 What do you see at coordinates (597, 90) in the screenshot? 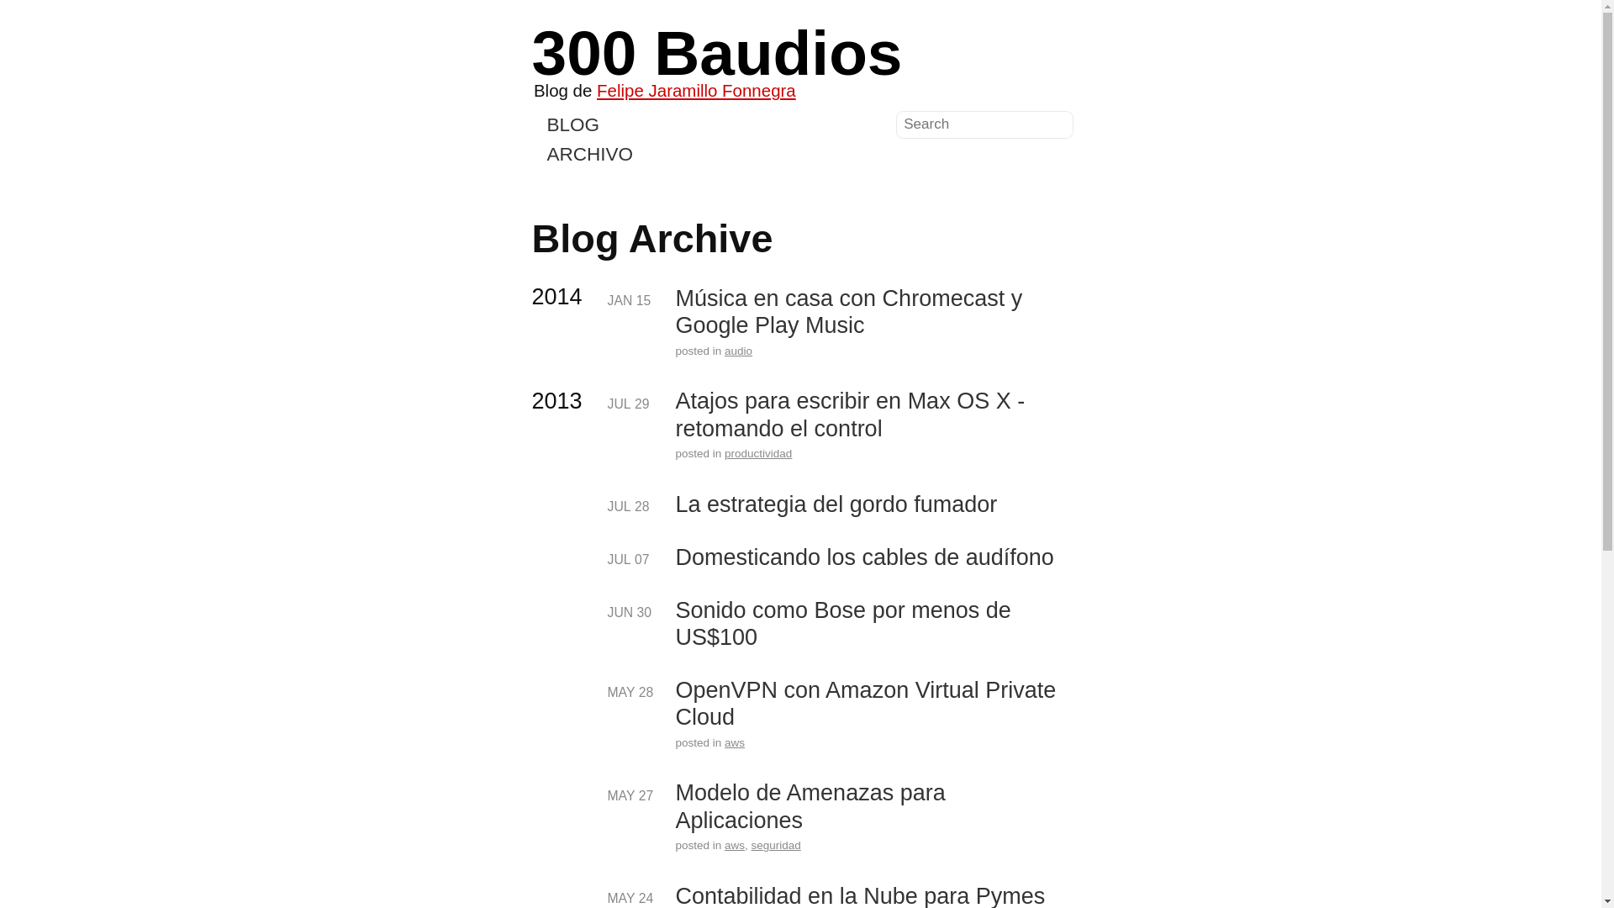
I see `'Felipe Jaramillo Fonnegra'` at bounding box center [597, 90].